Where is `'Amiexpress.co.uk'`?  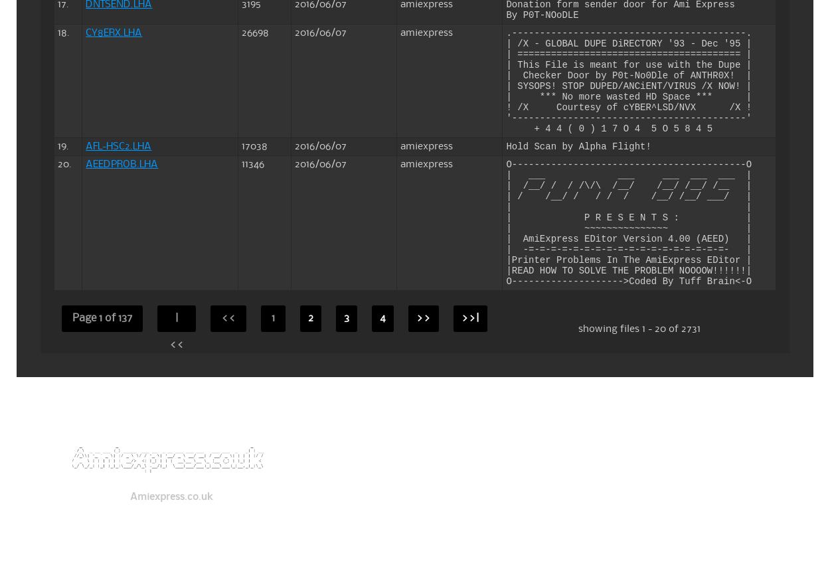 'Amiexpress.co.uk' is located at coordinates (171, 497).